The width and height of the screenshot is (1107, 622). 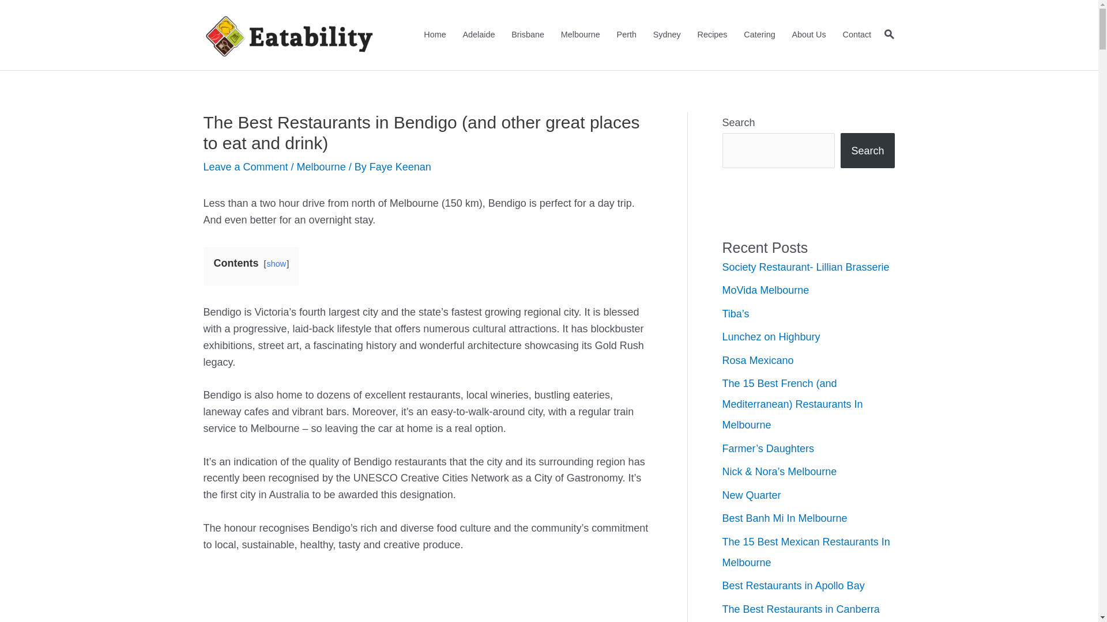 What do you see at coordinates (528, 35) in the screenshot?
I see `'Brisbane'` at bounding box center [528, 35].